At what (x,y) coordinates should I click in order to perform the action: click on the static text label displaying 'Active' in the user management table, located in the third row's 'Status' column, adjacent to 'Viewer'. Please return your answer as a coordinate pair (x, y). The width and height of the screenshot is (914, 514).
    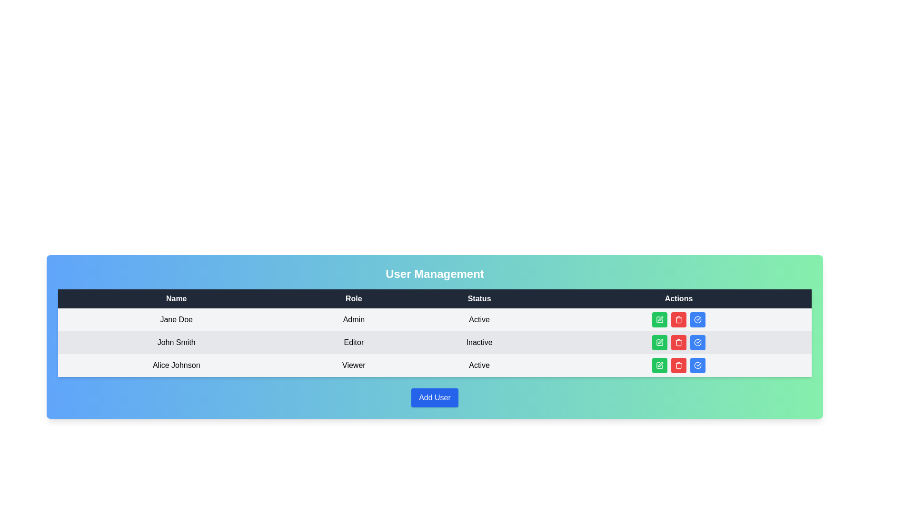
    Looking at the image, I should click on (479, 365).